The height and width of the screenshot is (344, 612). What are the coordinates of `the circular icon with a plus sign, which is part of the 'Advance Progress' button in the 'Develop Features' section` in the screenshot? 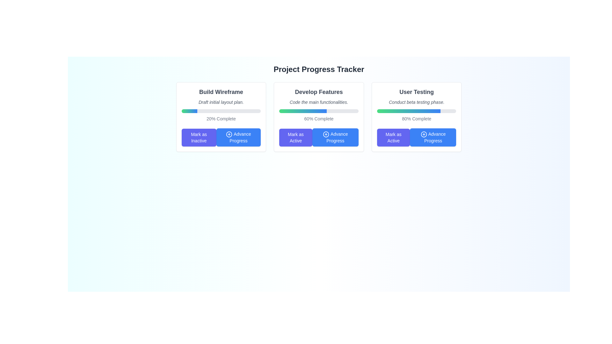 It's located at (326, 134).